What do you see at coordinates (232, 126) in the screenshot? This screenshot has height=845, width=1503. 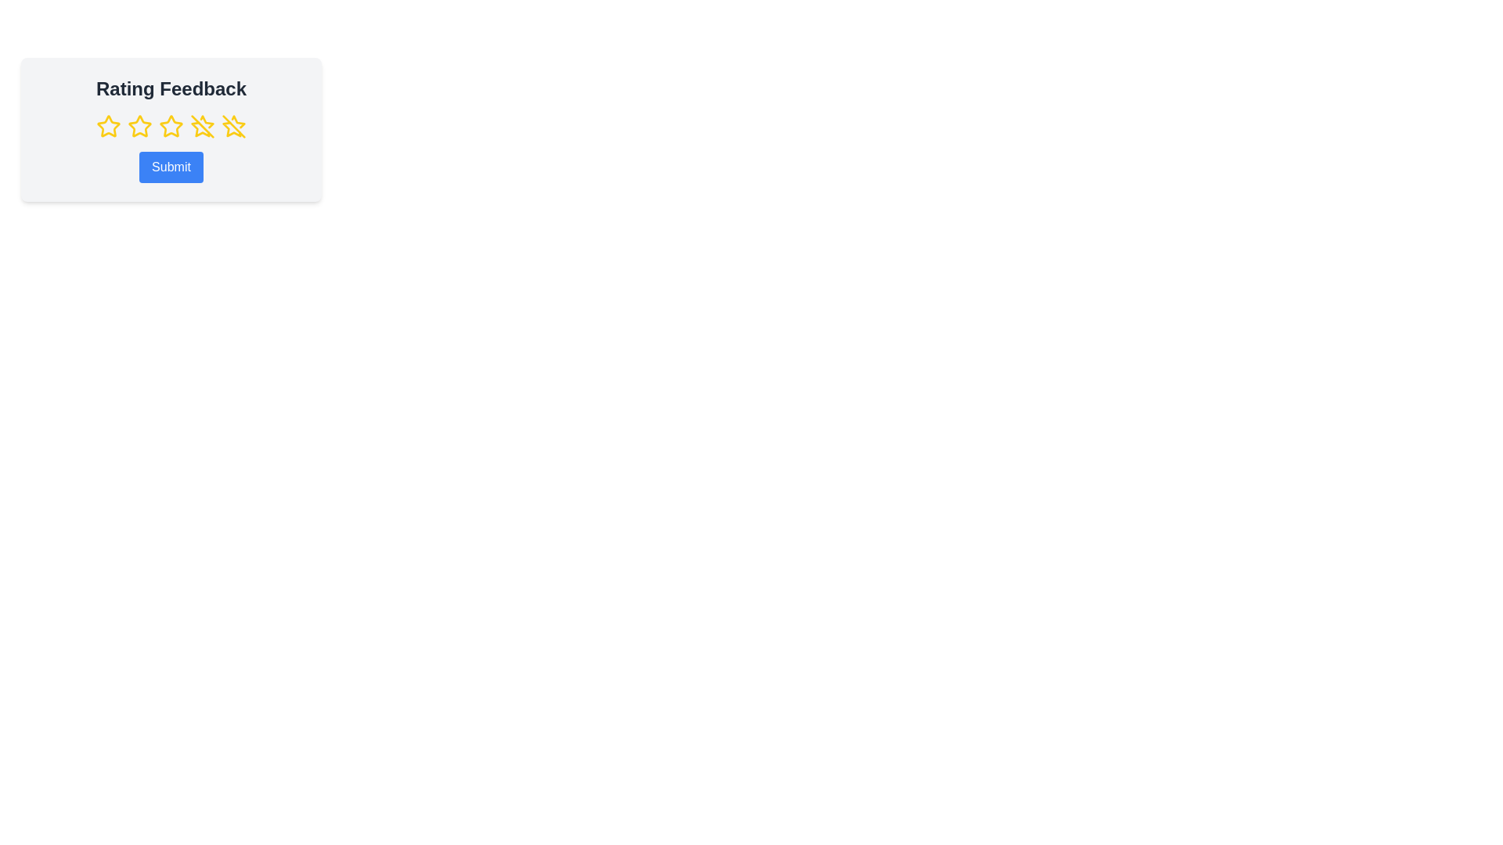 I see `the fifth star icon in the five-star rating system` at bounding box center [232, 126].